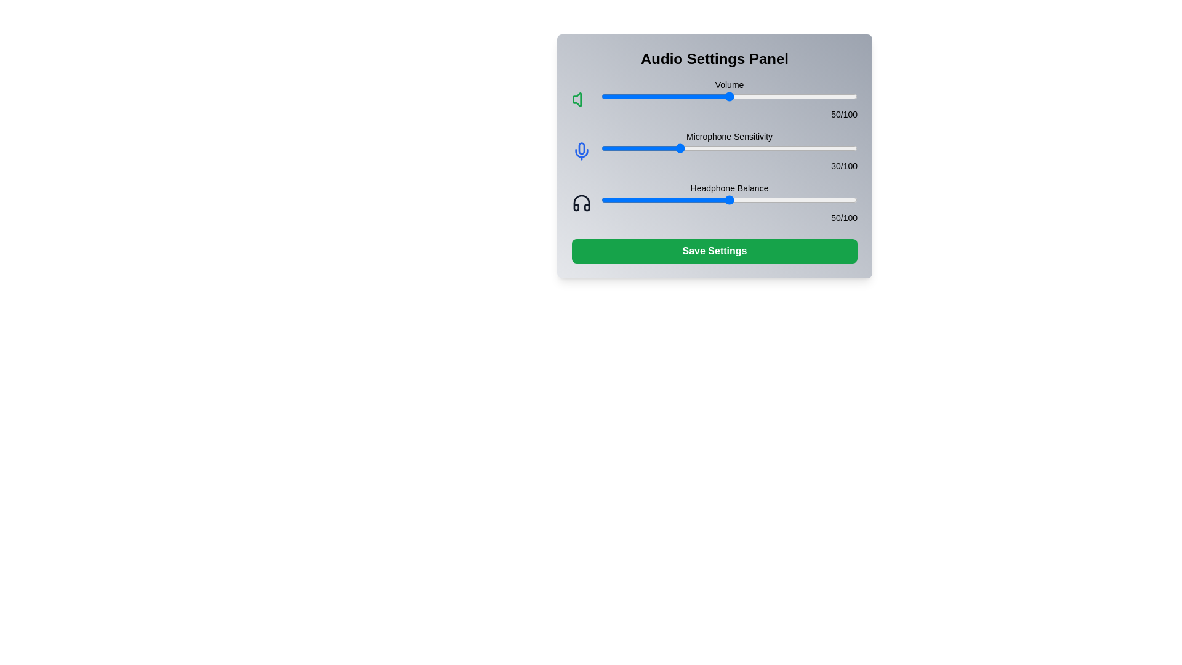 This screenshot has width=1182, height=665. What do you see at coordinates (715, 59) in the screenshot?
I see `the heading text 'Audio Settings Panel' which is bold and large, located at the top of the settings panel interface` at bounding box center [715, 59].